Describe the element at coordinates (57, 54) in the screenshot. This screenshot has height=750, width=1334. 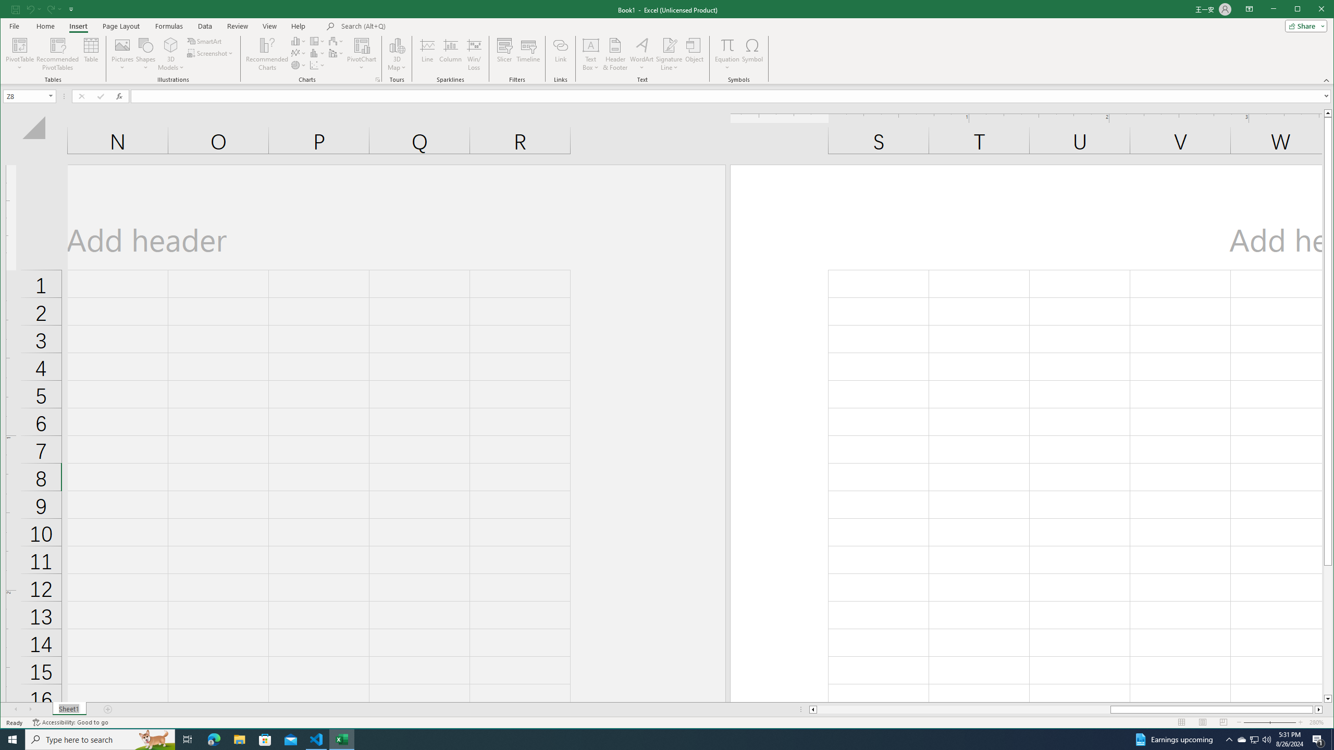
I see `'Recommended PivotTables'` at that location.